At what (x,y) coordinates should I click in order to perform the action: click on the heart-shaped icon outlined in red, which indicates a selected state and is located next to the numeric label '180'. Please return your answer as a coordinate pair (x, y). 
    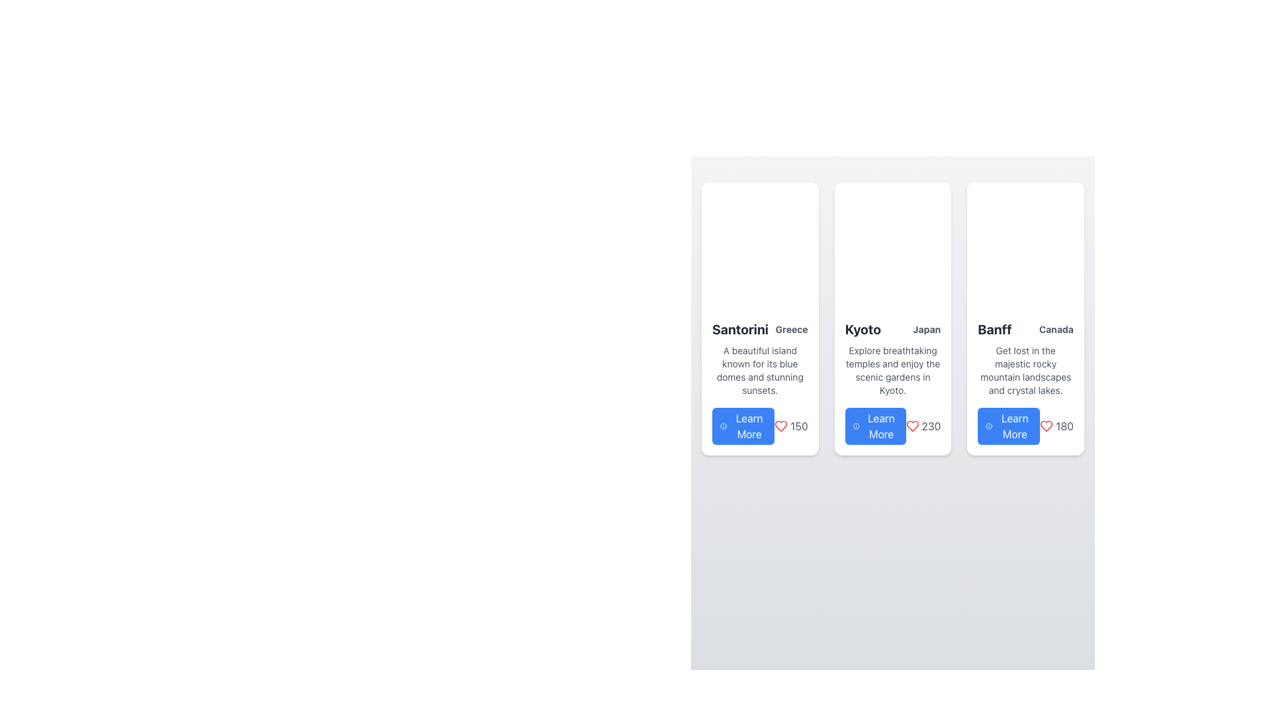
    Looking at the image, I should click on (1046, 426).